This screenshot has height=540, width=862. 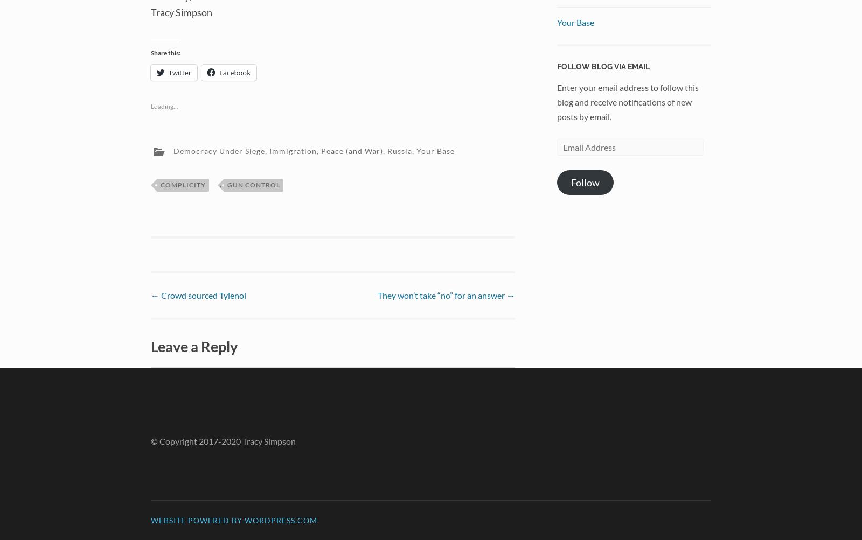 What do you see at coordinates (164, 105) in the screenshot?
I see `'Loading...'` at bounding box center [164, 105].